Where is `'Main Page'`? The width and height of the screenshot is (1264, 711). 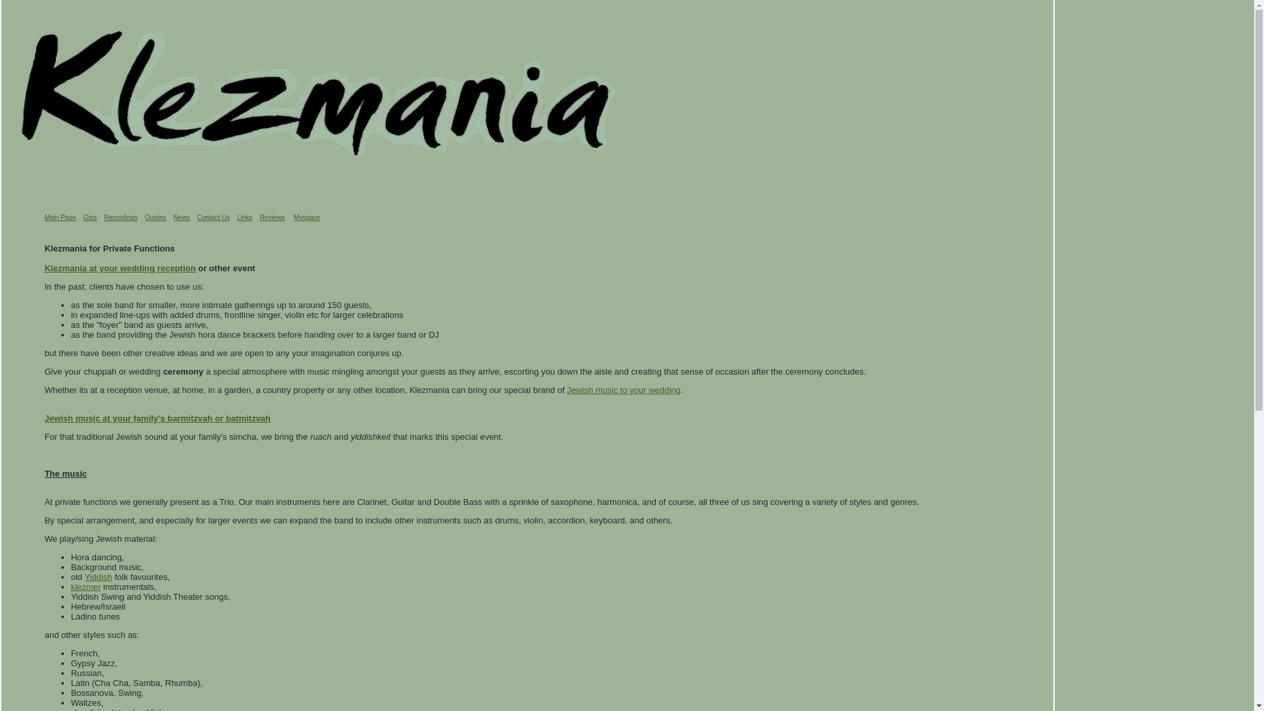 'Main Page' is located at coordinates (59, 217).